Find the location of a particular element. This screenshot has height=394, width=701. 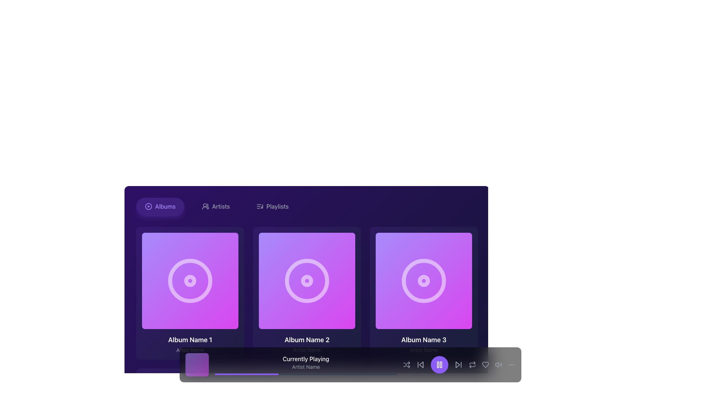

the innermost circular decorative element of 'Album Name 1', which is styled in a light color against a gradient purple background is located at coordinates (190, 281).